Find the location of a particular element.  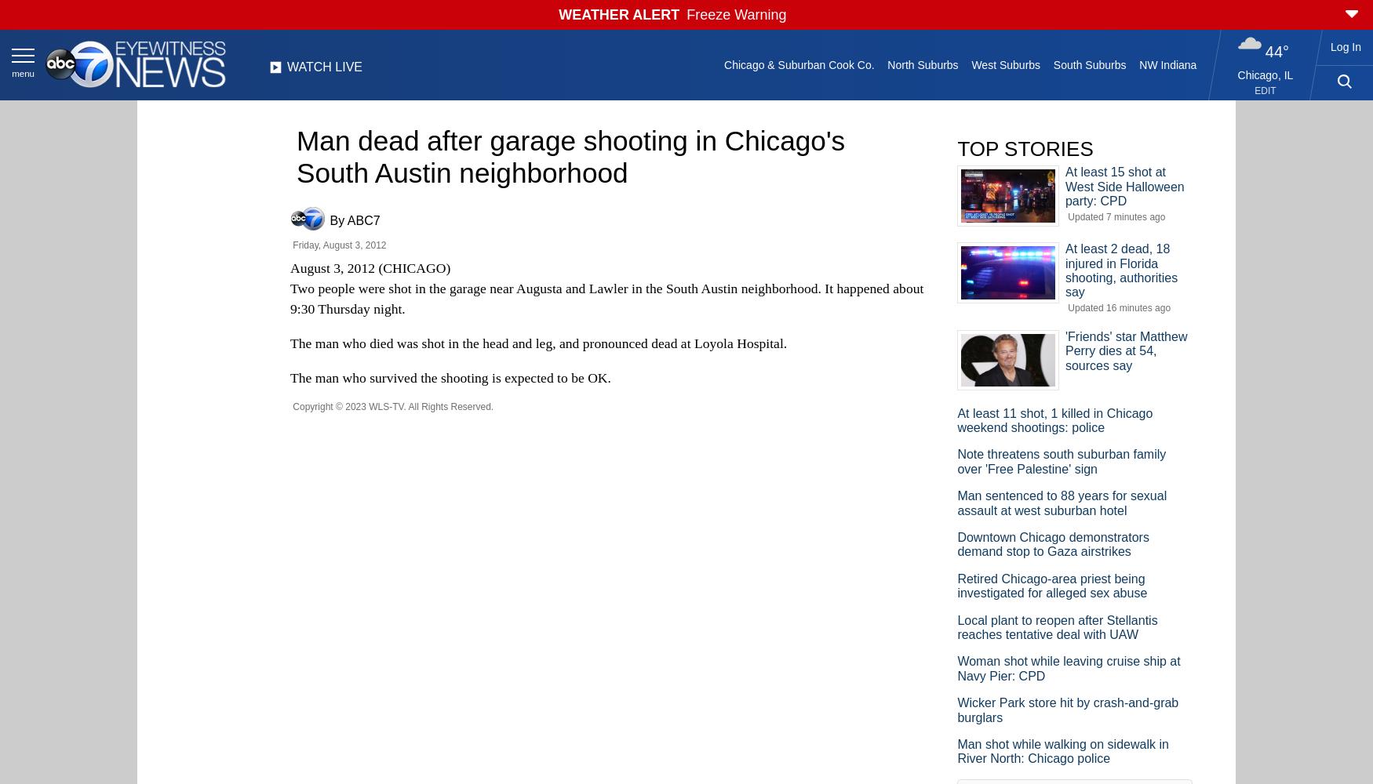

'Chicago, IL' is located at coordinates (1265, 74).